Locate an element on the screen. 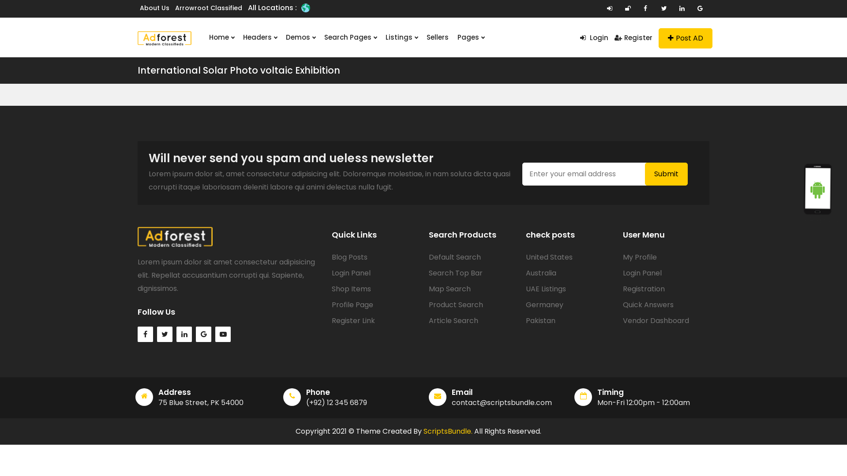  'Register Link' is located at coordinates (331, 320).